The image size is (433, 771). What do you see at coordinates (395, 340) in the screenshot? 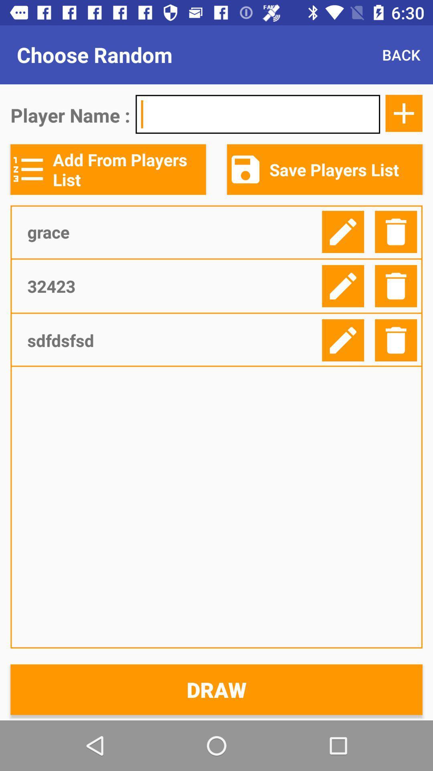
I see `delete button` at bounding box center [395, 340].